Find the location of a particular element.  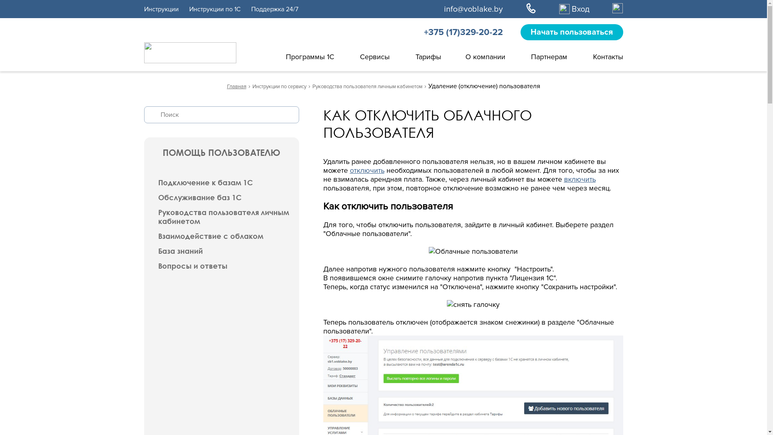

'info@voblake.by' is located at coordinates (473, 9).